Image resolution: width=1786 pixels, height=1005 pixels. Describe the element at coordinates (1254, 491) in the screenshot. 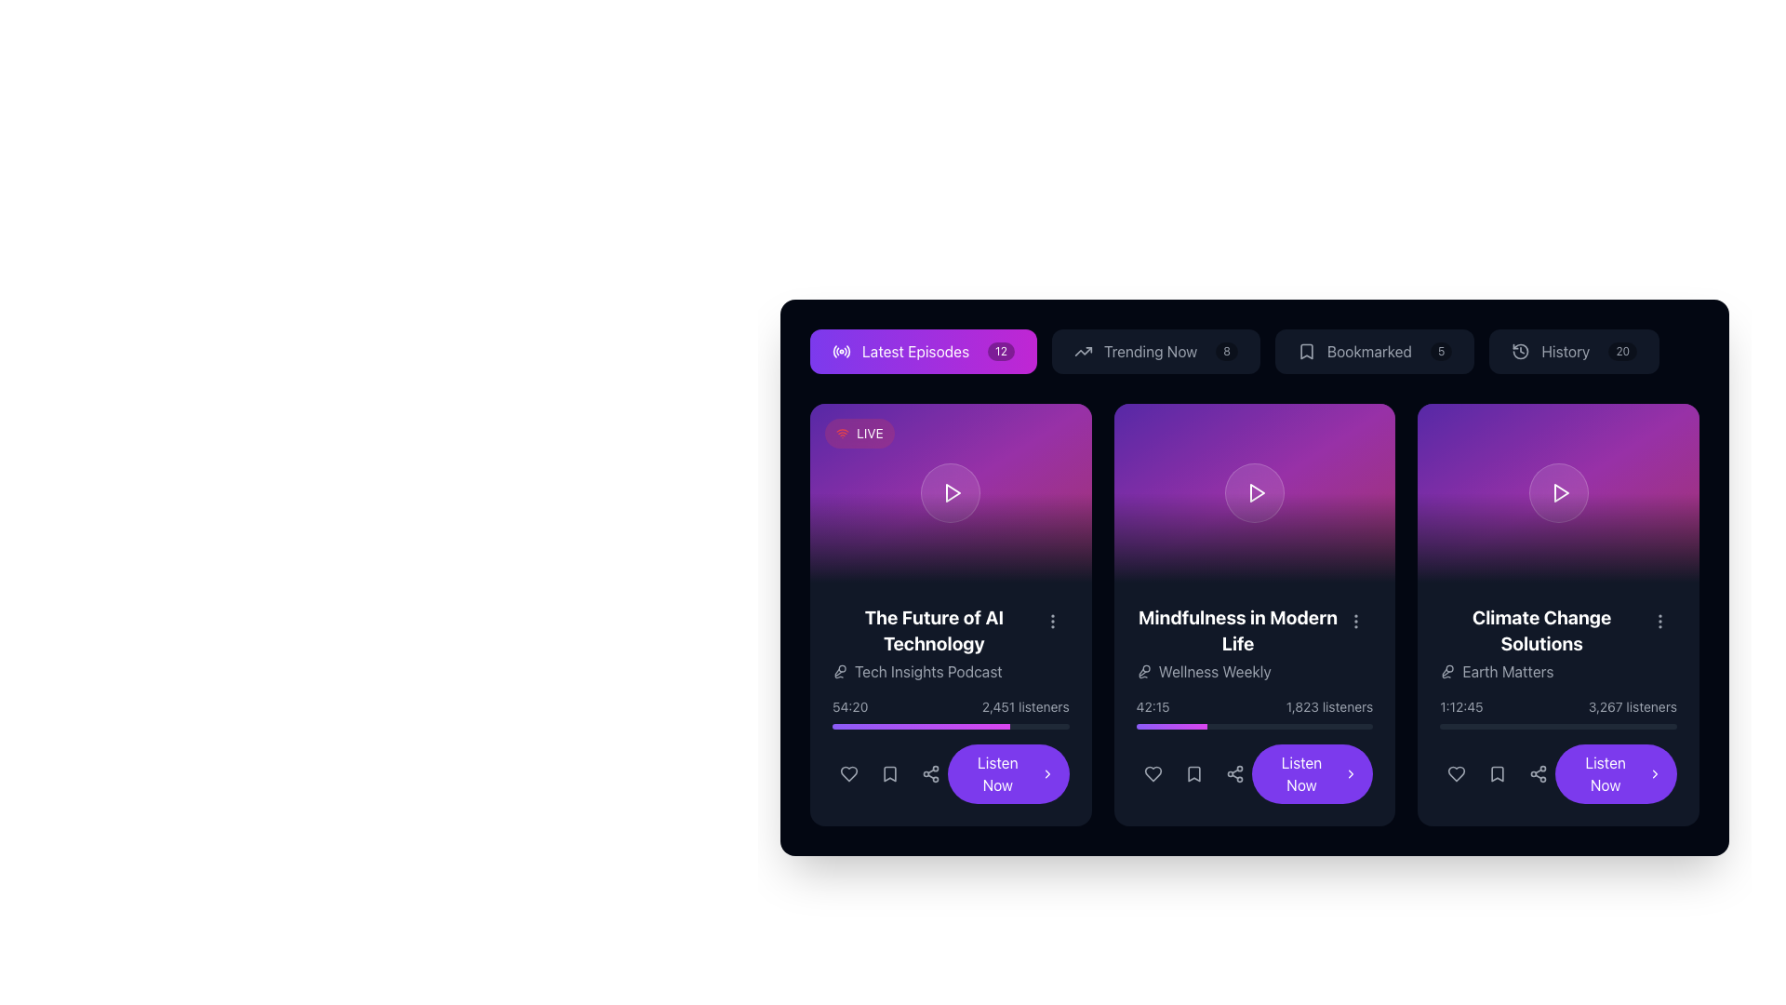

I see `the Play Button, which is a rounded rectangle with a gradient background and a circular play icon, located below the 'Latest Episodes' heading in the 'Mindfulness in Modern Life' card` at that location.